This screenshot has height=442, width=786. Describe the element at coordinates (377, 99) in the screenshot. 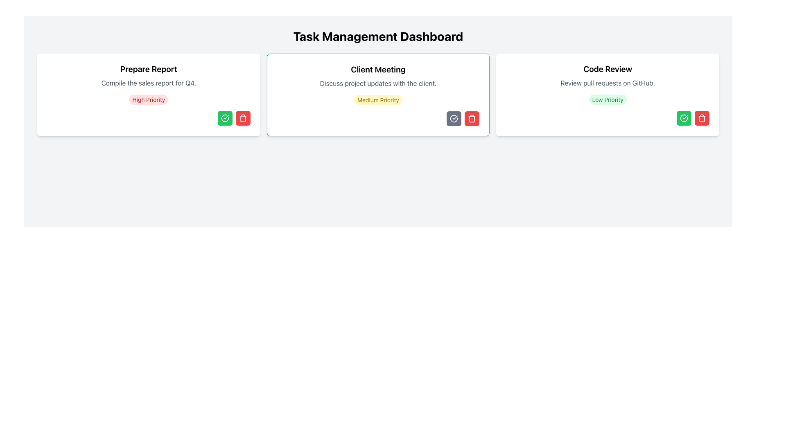

I see `the 'Medium Priority' text label, which is a button-like element with a yellow background and text, located in the 'Client Meeting' card of the task management dashboard` at that location.